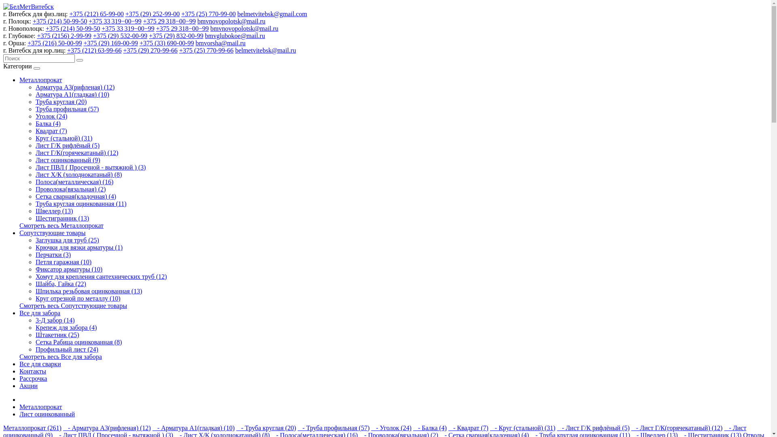 Image resolution: width=777 pixels, height=437 pixels. What do you see at coordinates (110, 43) in the screenshot?
I see `'+375 (29) 169-00-99'` at bounding box center [110, 43].